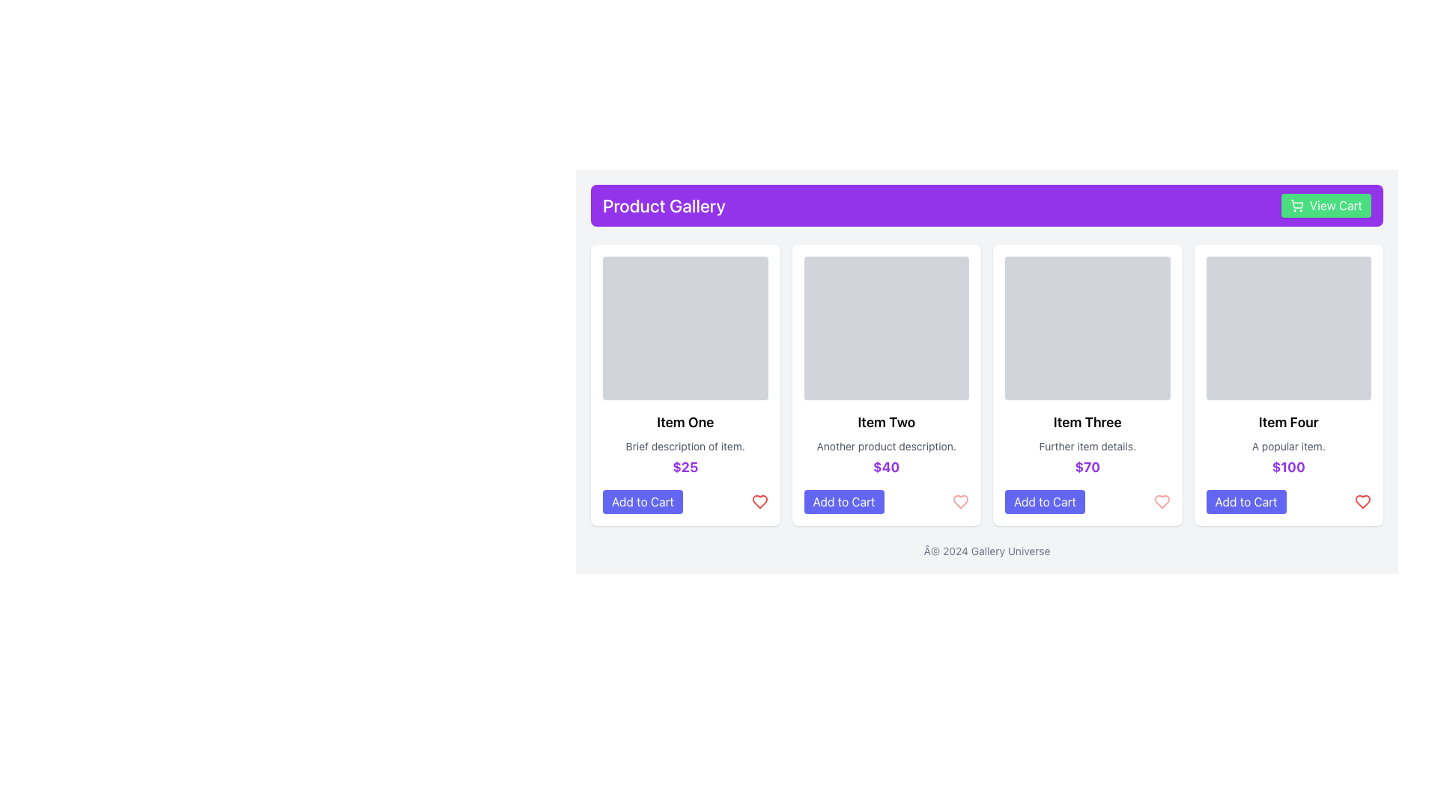  Describe the element at coordinates (960, 502) in the screenshot. I see `the heart-shaped icon outlined in red located at the bottom-right corner of the 'Item Two' card in the product gallery interface` at that location.